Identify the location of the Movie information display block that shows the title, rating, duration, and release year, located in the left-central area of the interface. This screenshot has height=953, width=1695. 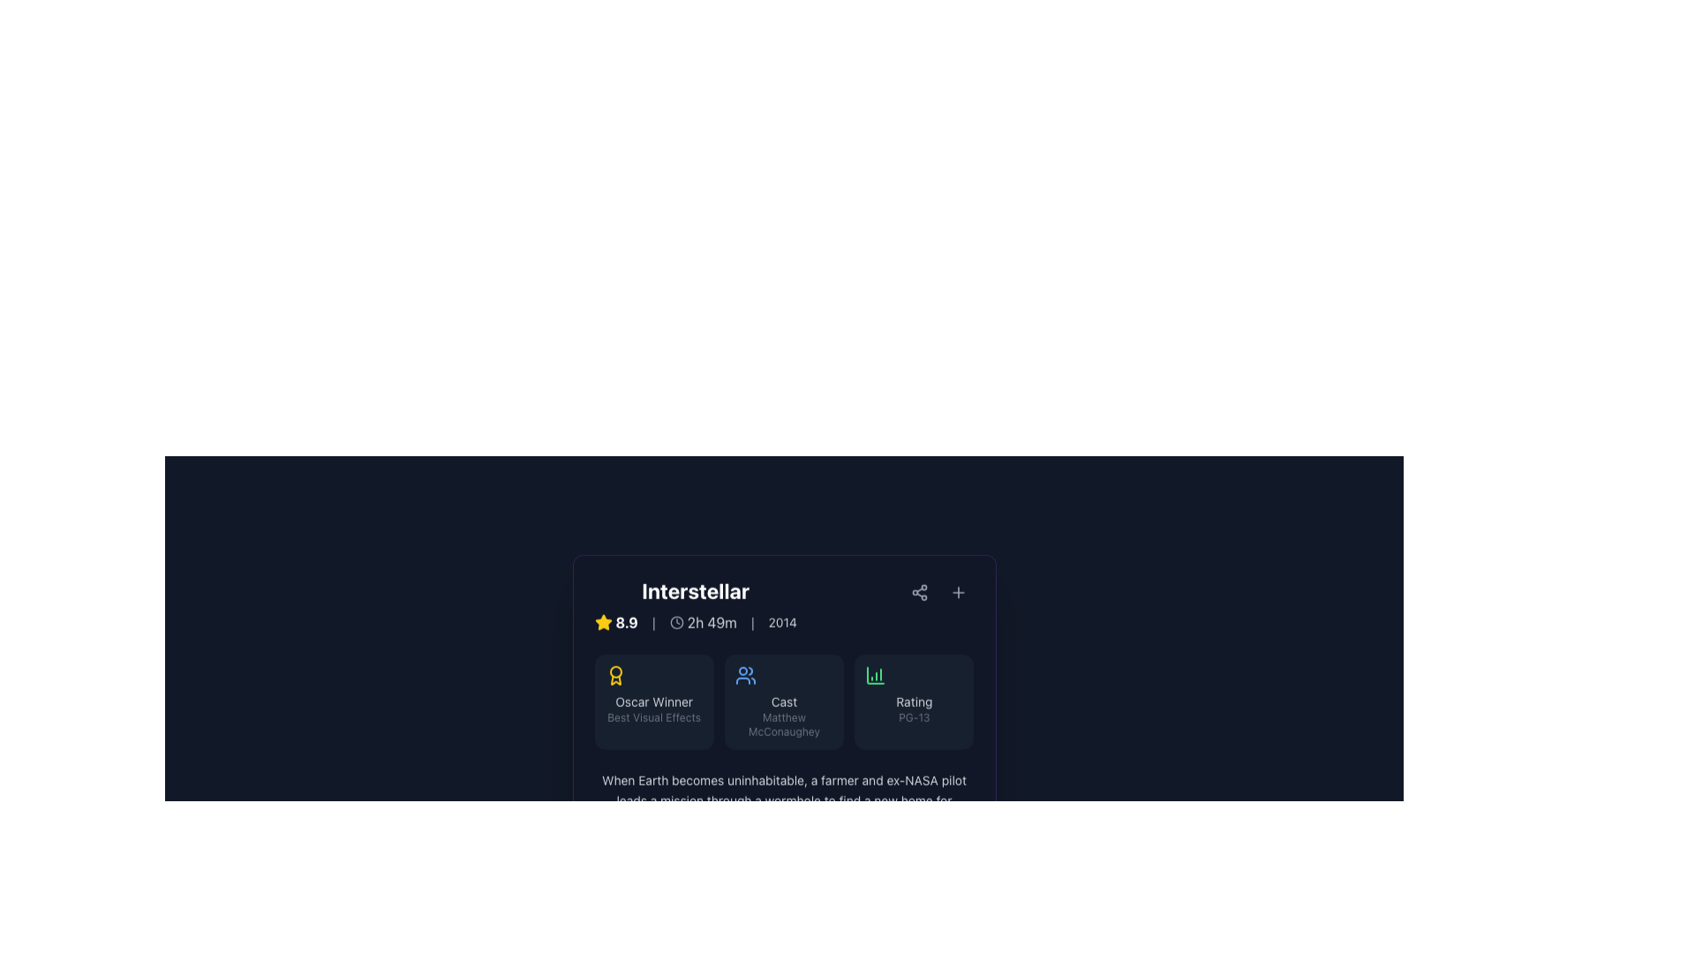
(695, 604).